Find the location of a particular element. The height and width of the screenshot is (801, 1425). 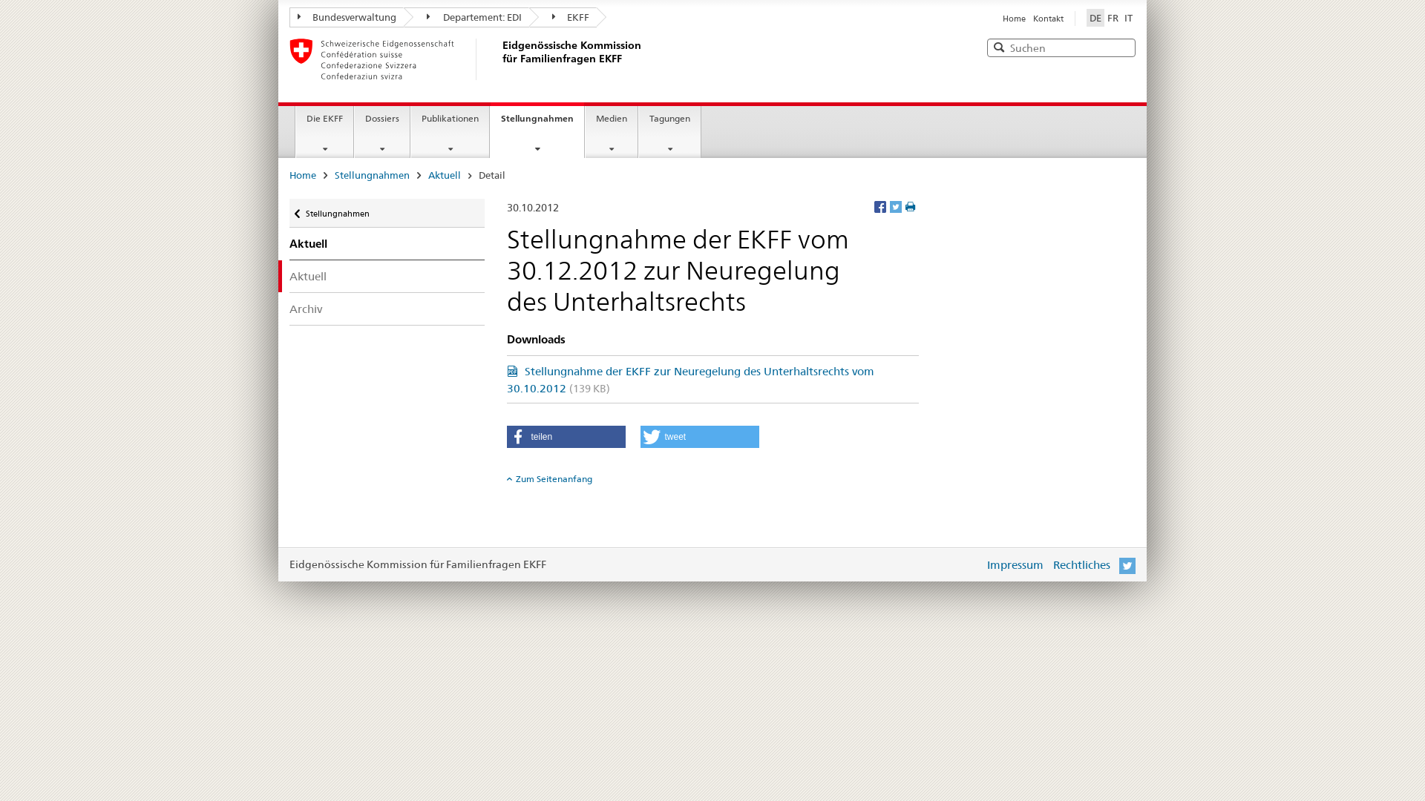

'Medien' is located at coordinates (612, 131).